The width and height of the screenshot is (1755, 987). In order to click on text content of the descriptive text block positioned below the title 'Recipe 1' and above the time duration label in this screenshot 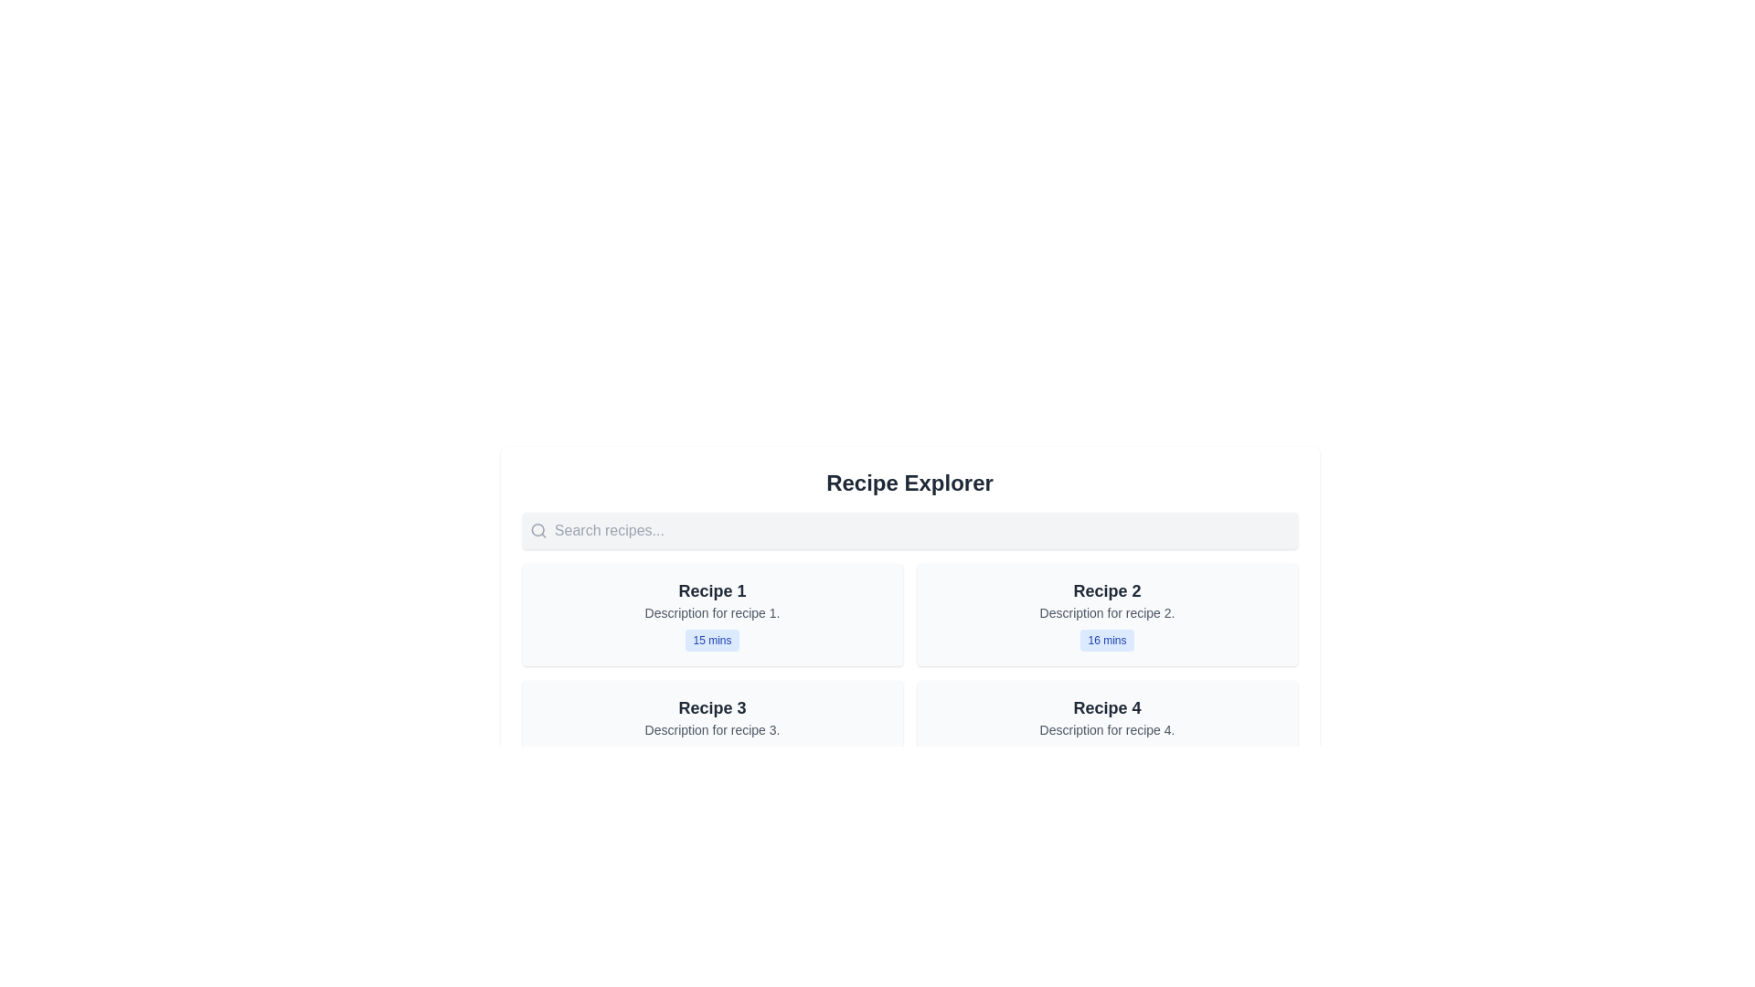, I will do `click(711, 613)`.